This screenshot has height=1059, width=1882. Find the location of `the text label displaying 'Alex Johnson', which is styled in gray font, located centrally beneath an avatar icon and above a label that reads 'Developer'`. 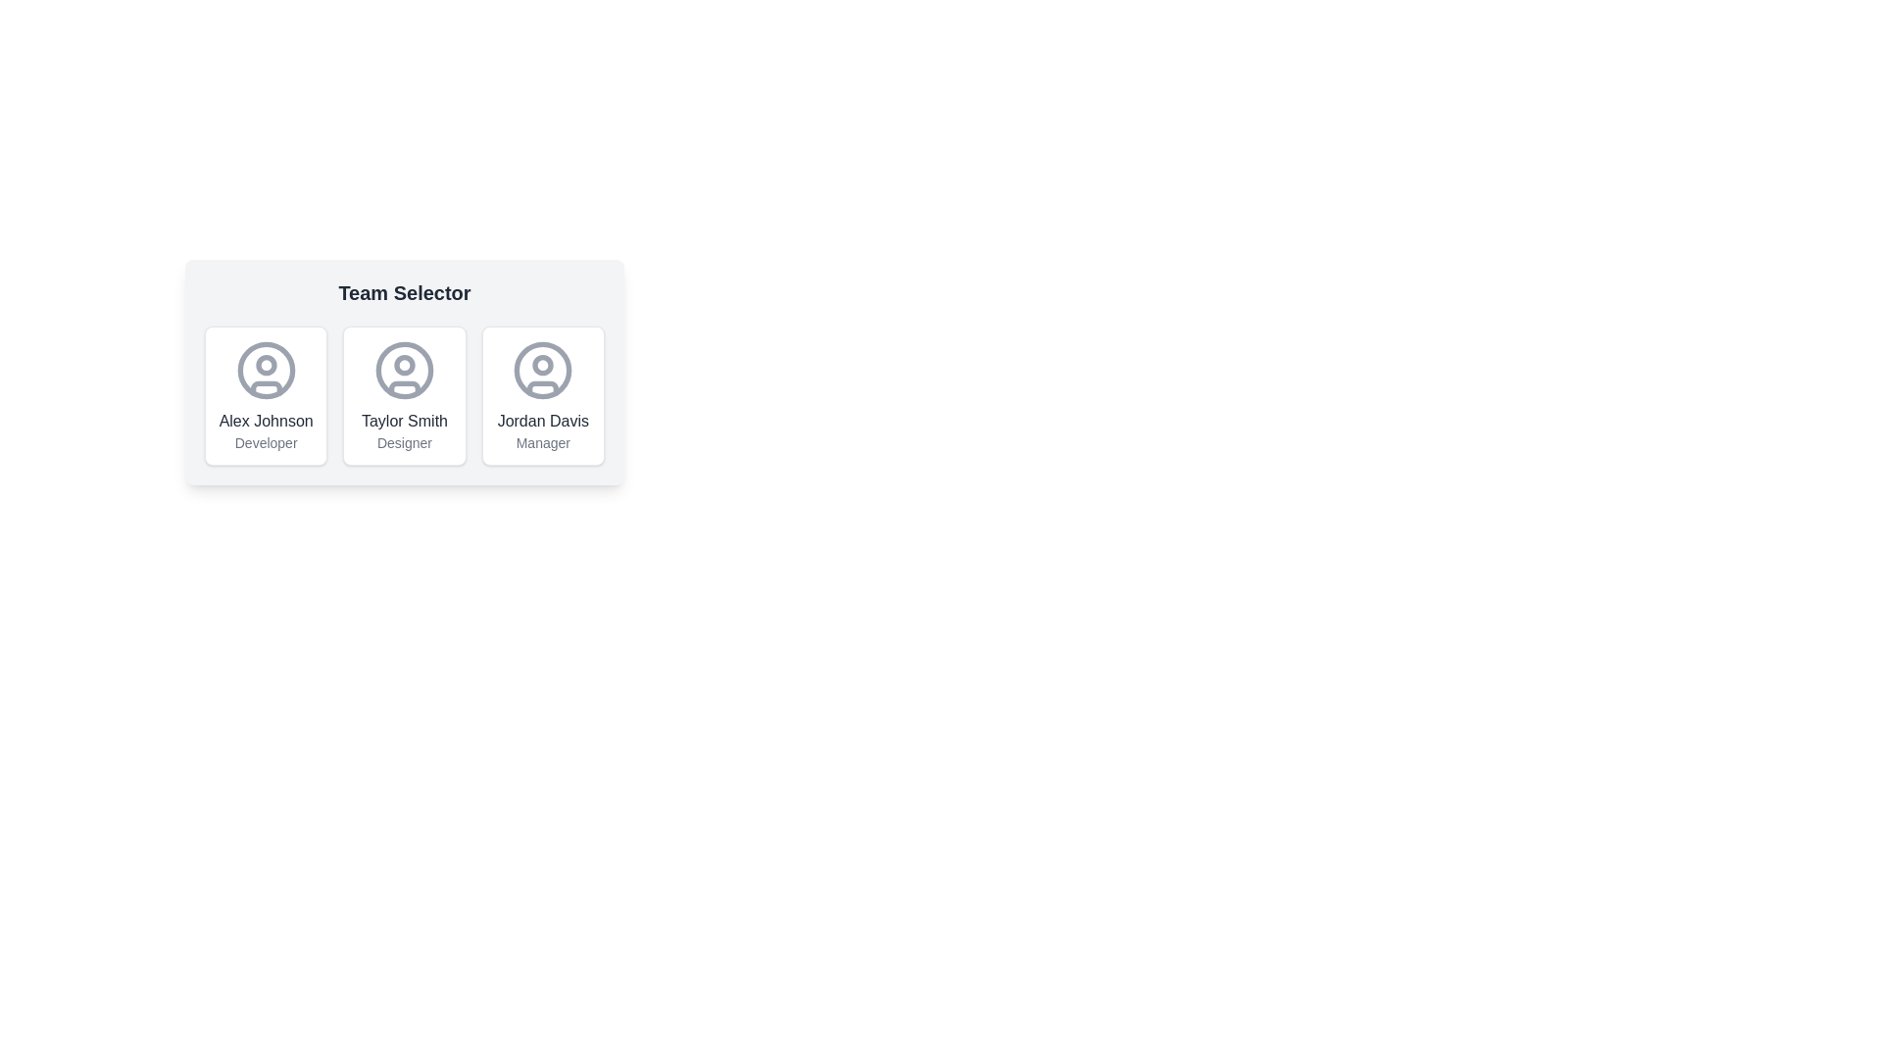

the text label displaying 'Alex Johnson', which is styled in gray font, located centrally beneath an avatar icon and above a label that reads 'Developer' is located at coordinates (265, 420).